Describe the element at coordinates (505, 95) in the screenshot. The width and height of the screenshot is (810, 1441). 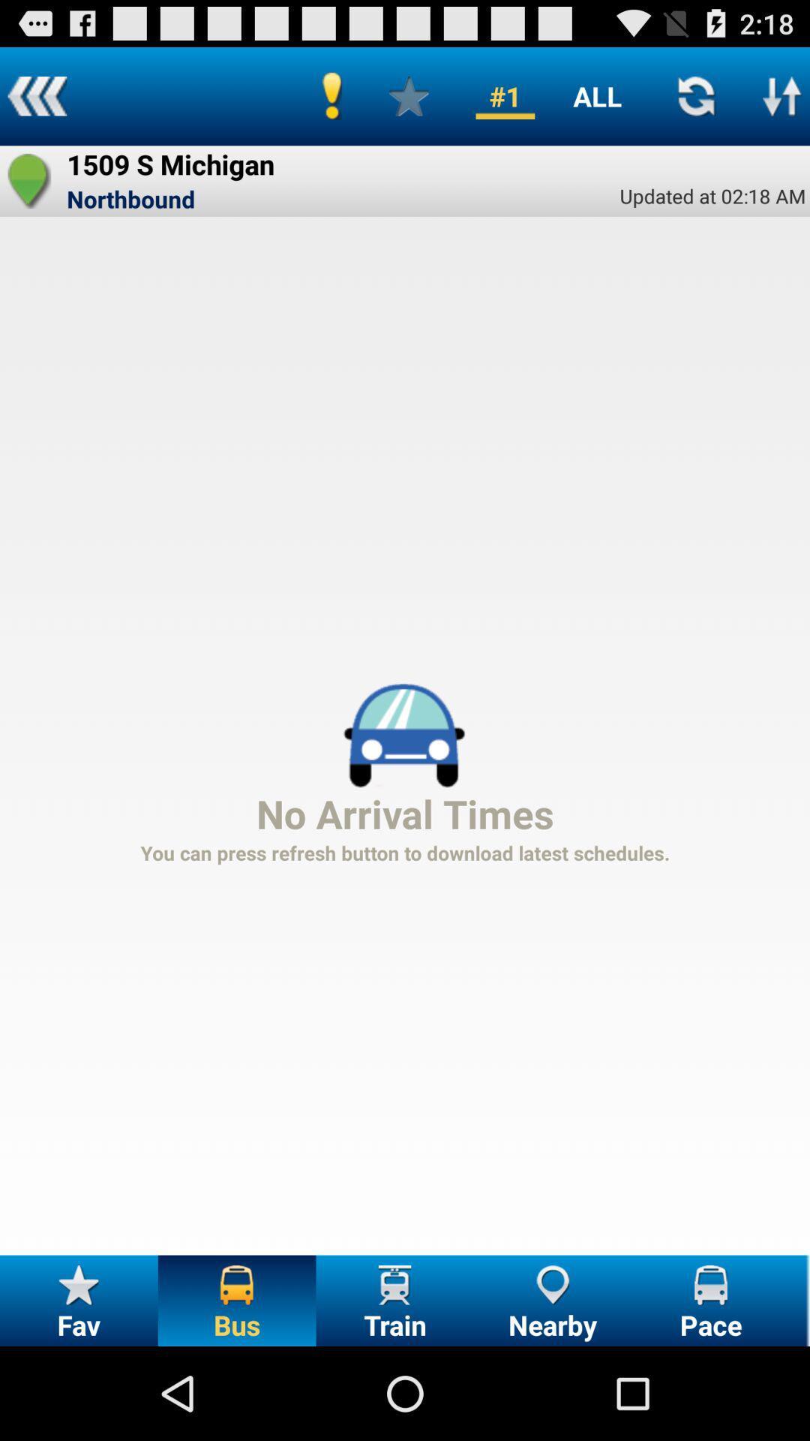
I see `the   #1   button` at that location.